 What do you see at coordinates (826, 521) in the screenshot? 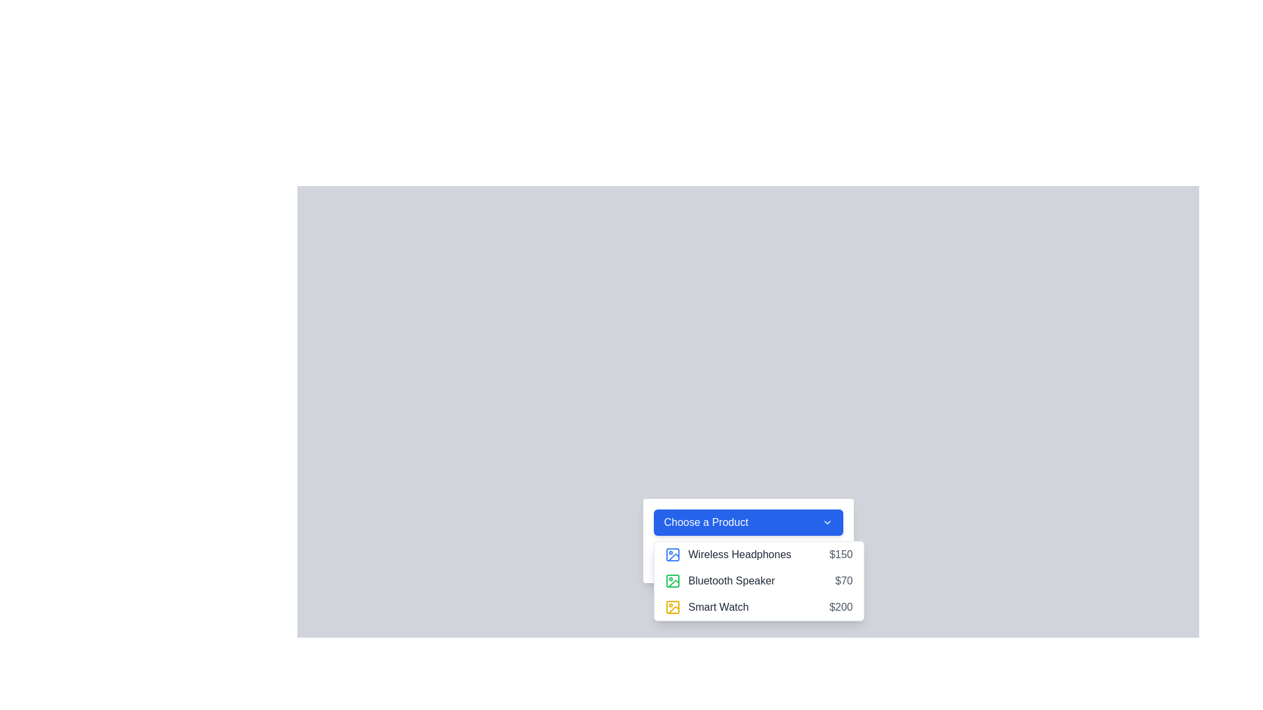
I see `the dropdown menu toggle icon located inside the 'Choose a Product' button` at bounding box center [826, 521].